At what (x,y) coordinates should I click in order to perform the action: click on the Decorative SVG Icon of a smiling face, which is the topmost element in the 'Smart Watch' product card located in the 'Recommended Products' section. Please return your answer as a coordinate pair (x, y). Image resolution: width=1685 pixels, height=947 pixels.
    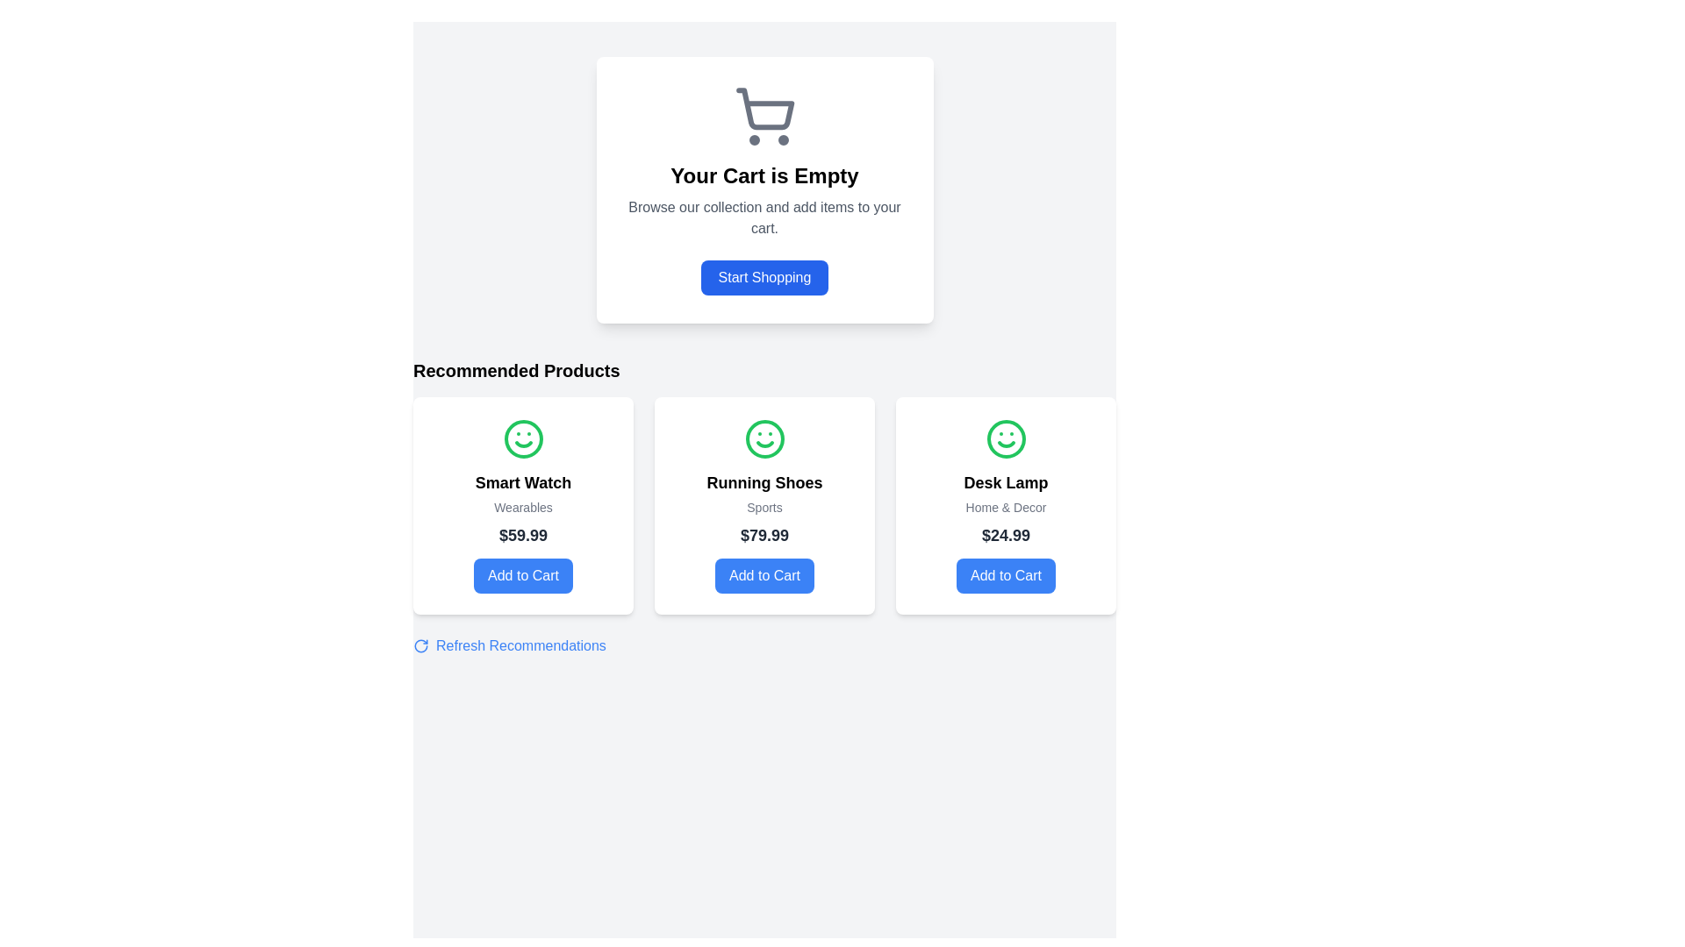
    Looking at the image, I should click on (522, 438).